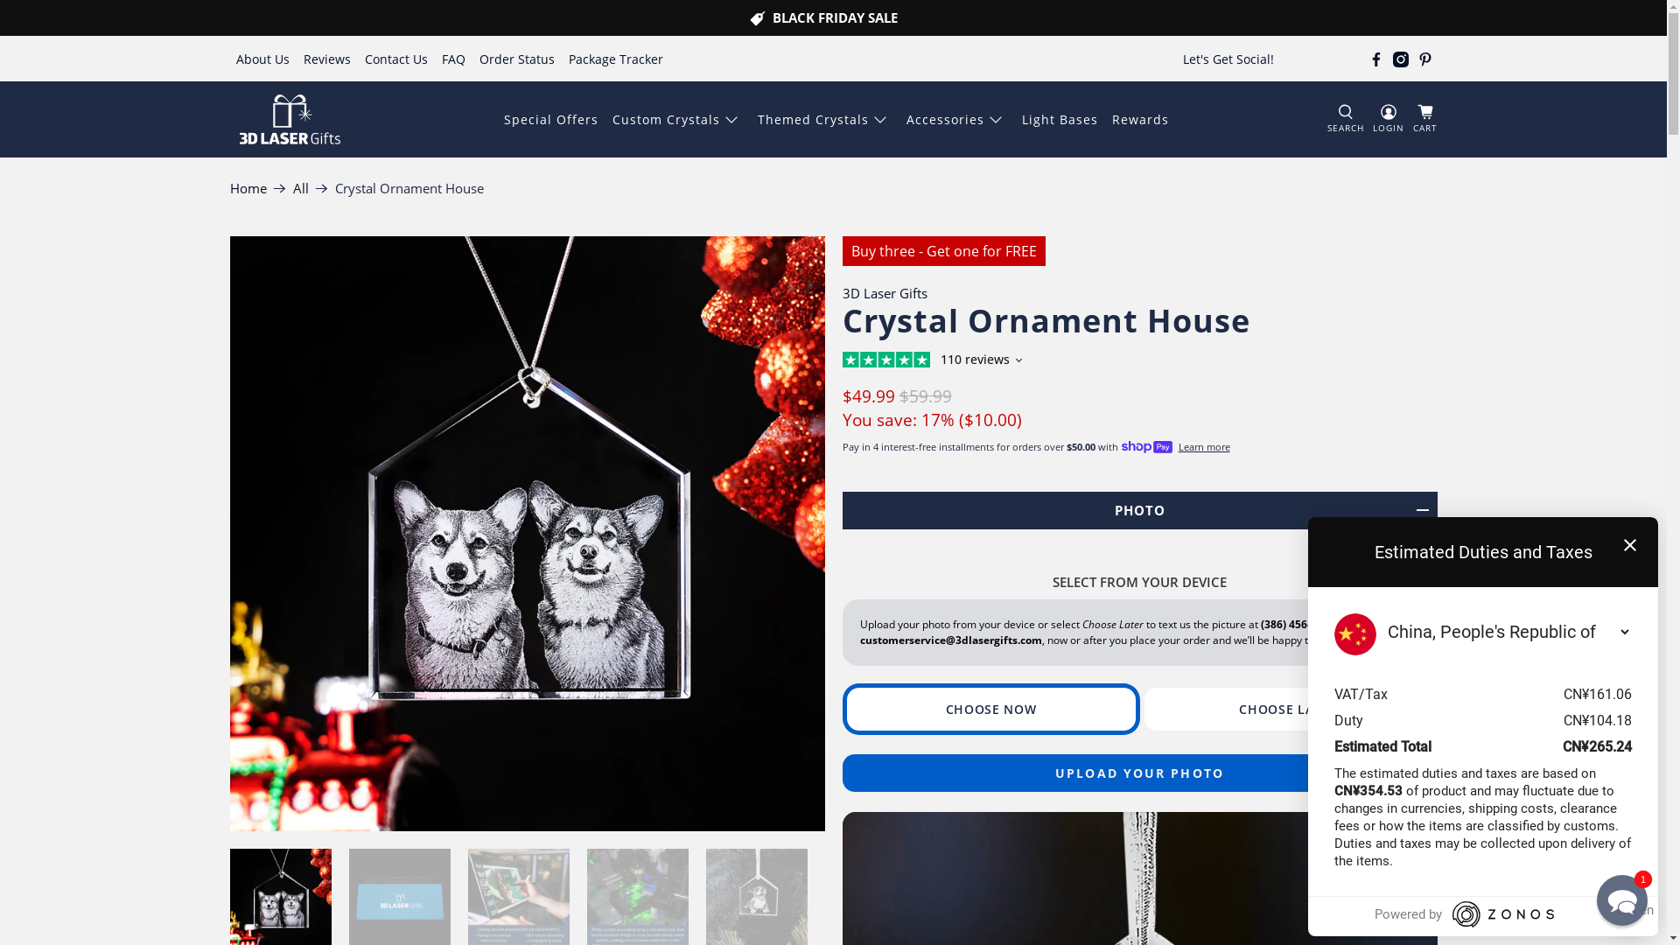 This screenshot has height=945, width=1680. What do you see at coordinates (884, 292) in the screenshot?
I see `'3D Laser Gifts'` at bounding box center [884, 292].